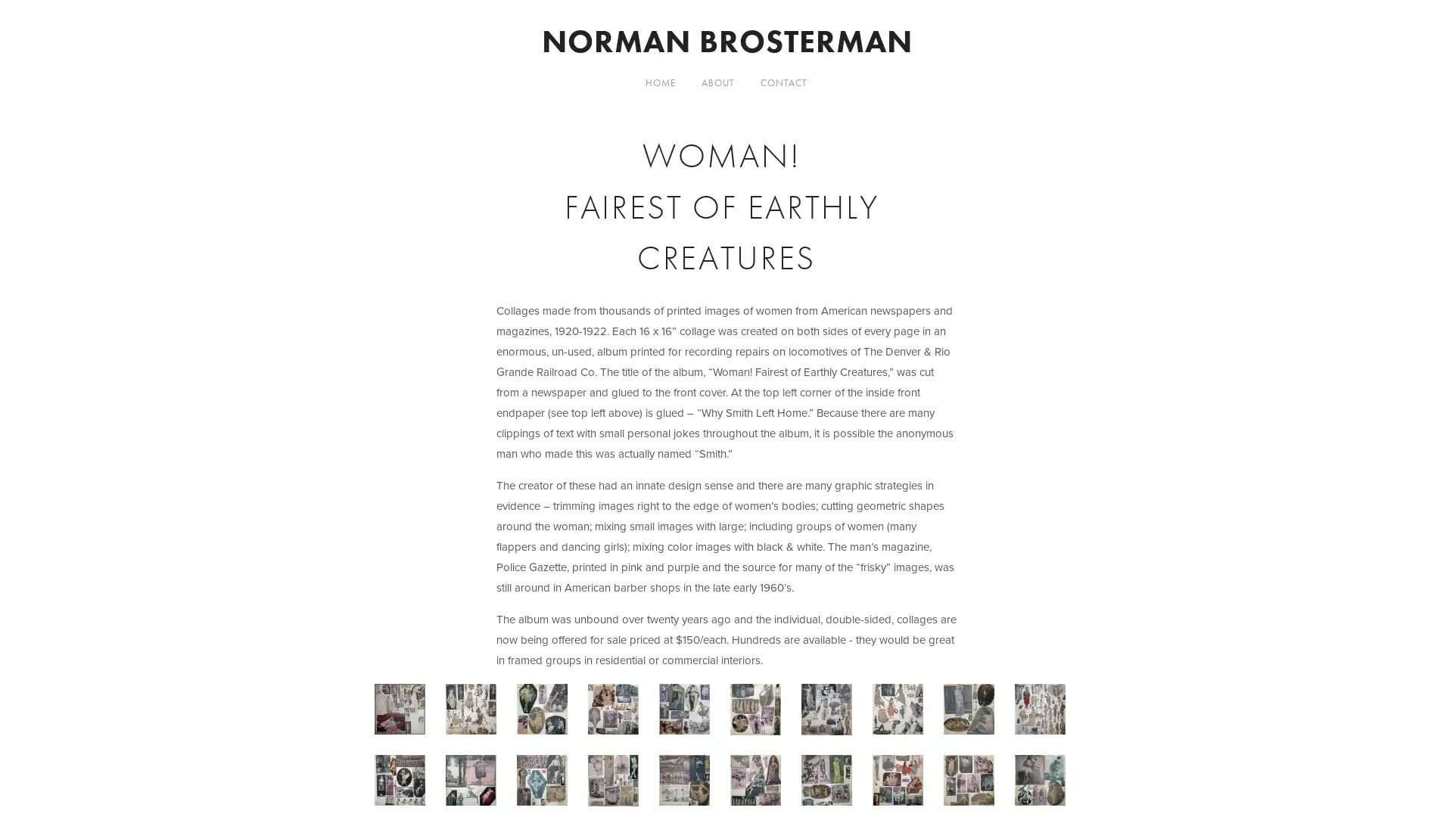 The image size is (1453, 817). Describe the element at coordinates (762, 715) in the screenshot. I see `View fullsize Smith 40.jpg` at that location.